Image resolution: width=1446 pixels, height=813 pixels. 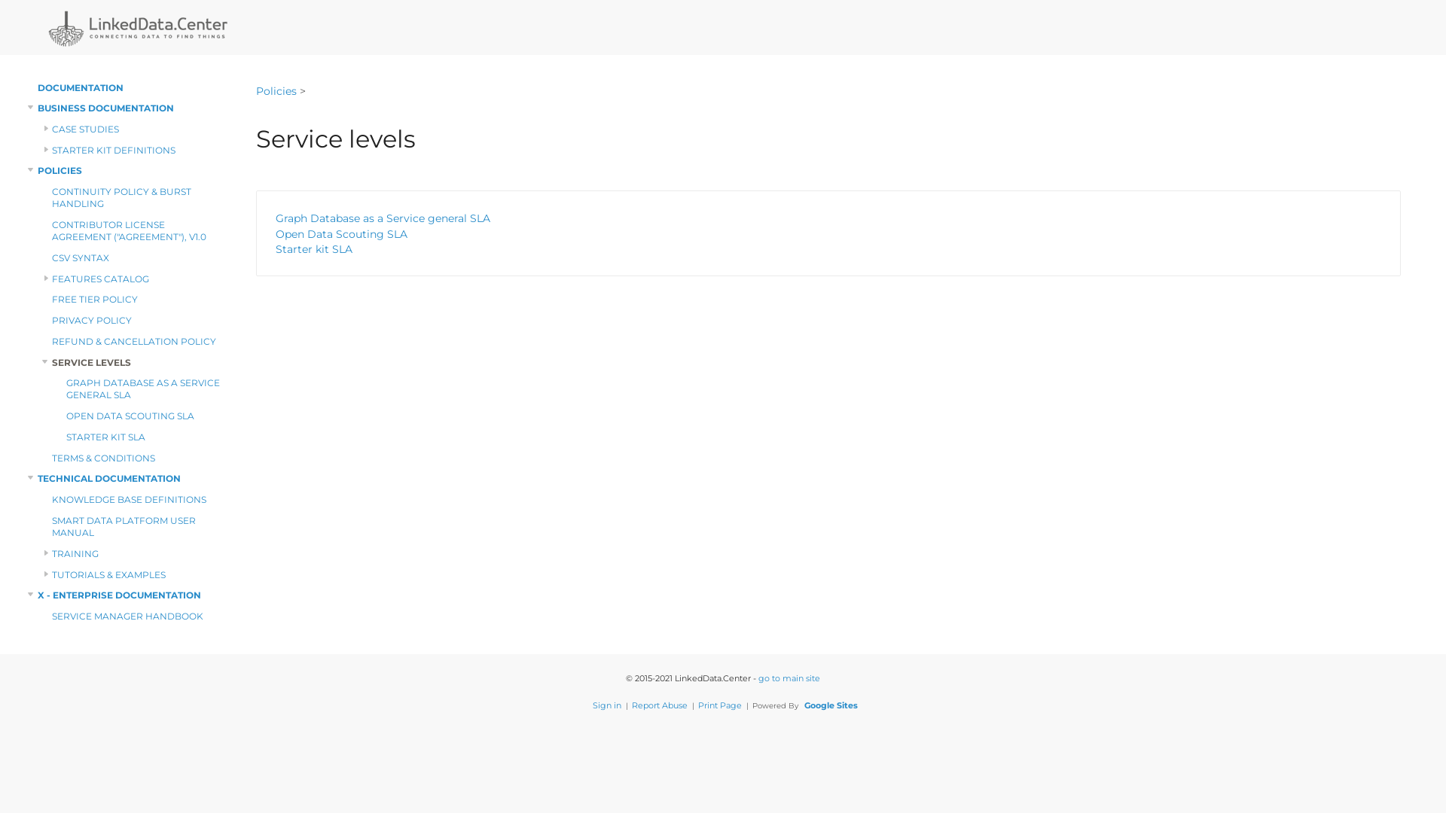 What do you see at coordinates (276, 78) in the screenshot?
I see `'Policies'` at bounding box center [276, 78].